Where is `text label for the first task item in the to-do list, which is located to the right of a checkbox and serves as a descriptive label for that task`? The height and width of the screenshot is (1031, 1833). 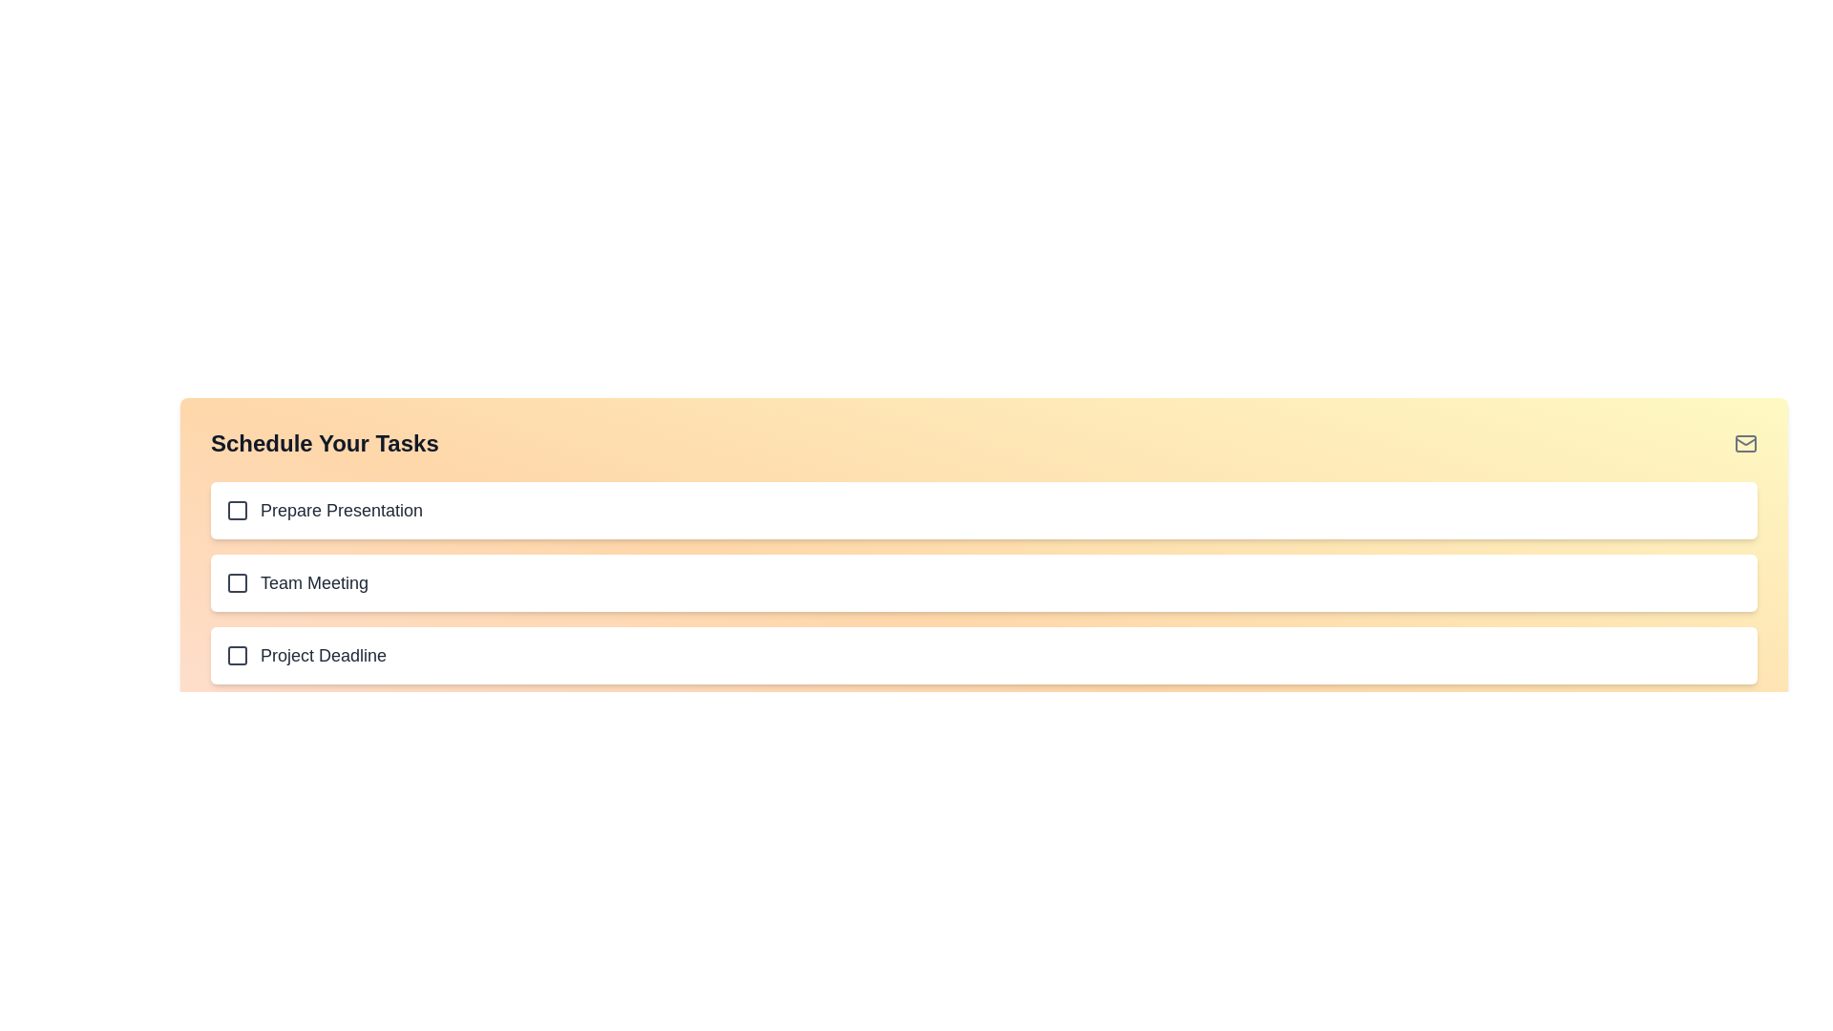
text label for the first task item in the to-do list, which is located to the right of a checkbox and serves as a descriptive label for that task is located at coordinates (342, 510).